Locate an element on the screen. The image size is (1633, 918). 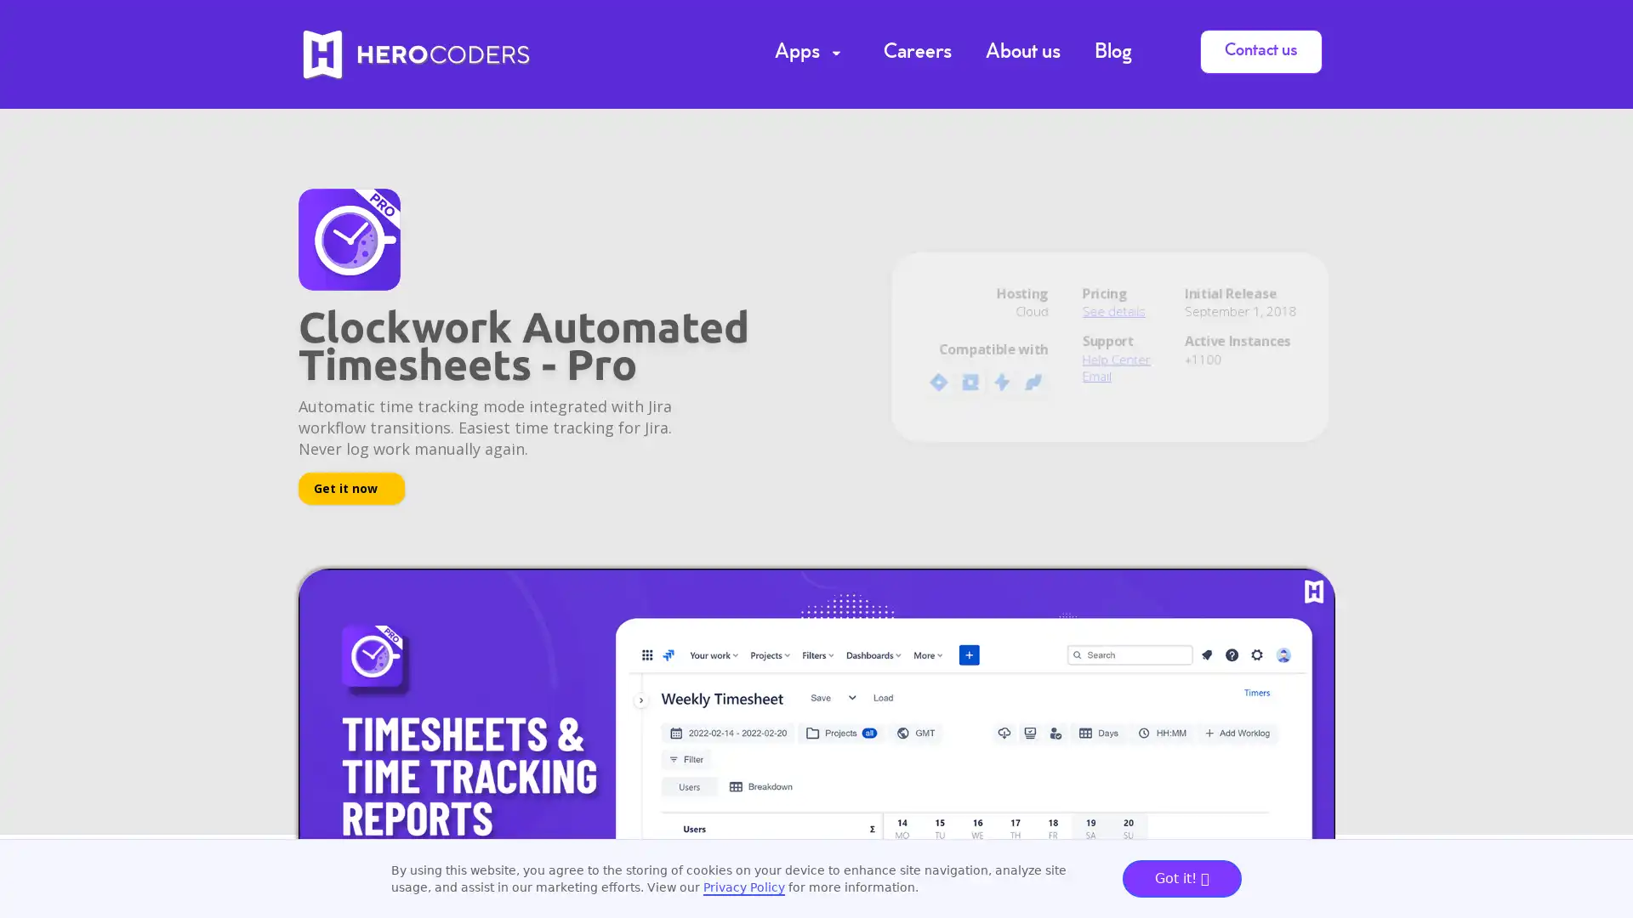
Got it! is located at coordinates (1181, 878).